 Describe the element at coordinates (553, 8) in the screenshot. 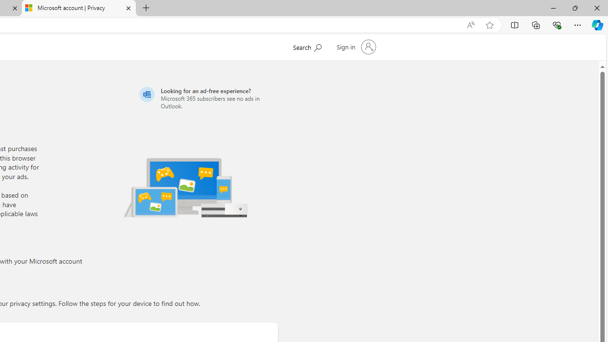

I see `'Minimize'` at that location.